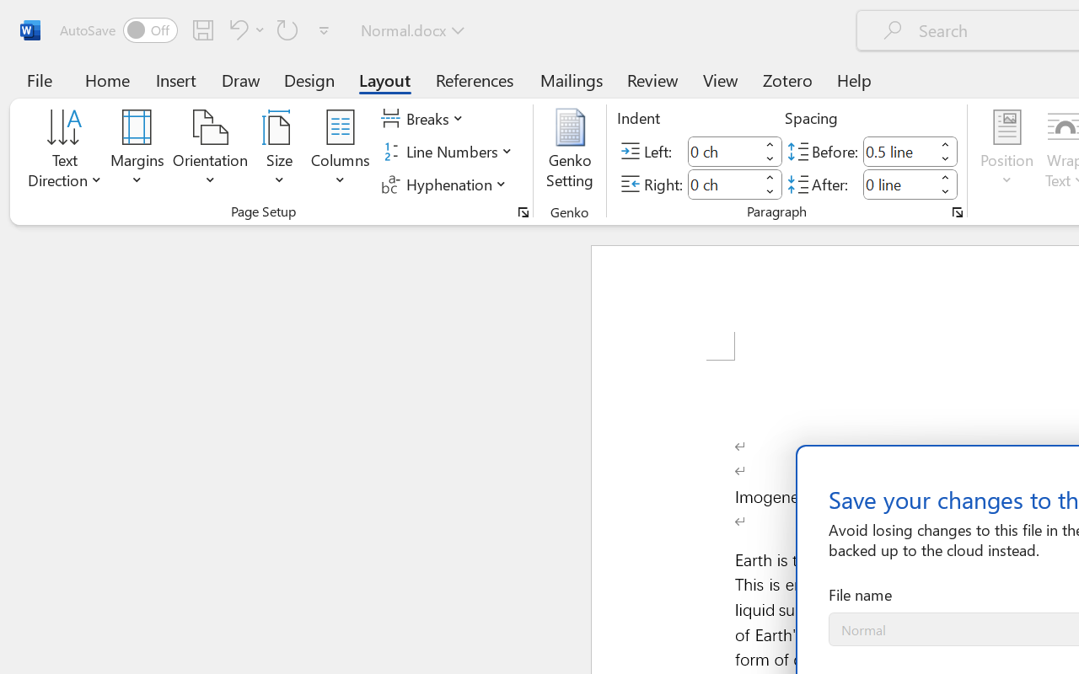  Describe the element at coordinates (958, 211) in the screenshot. I see `'Paragraph...'` at that location.